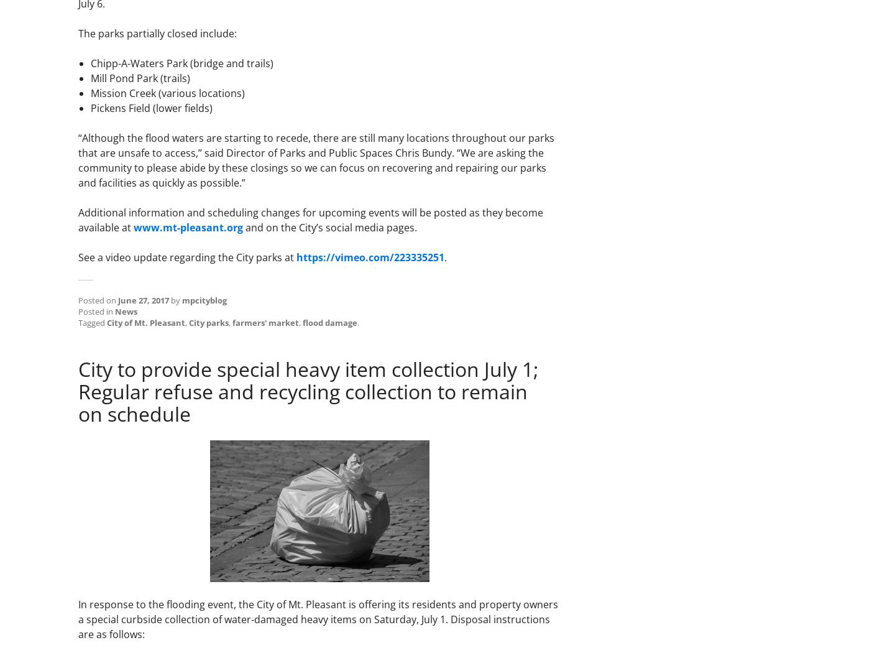  Describe the element at coordinates (329, 227) in the screenshot. I see `'and on the City’s social media pages.'` at that location.